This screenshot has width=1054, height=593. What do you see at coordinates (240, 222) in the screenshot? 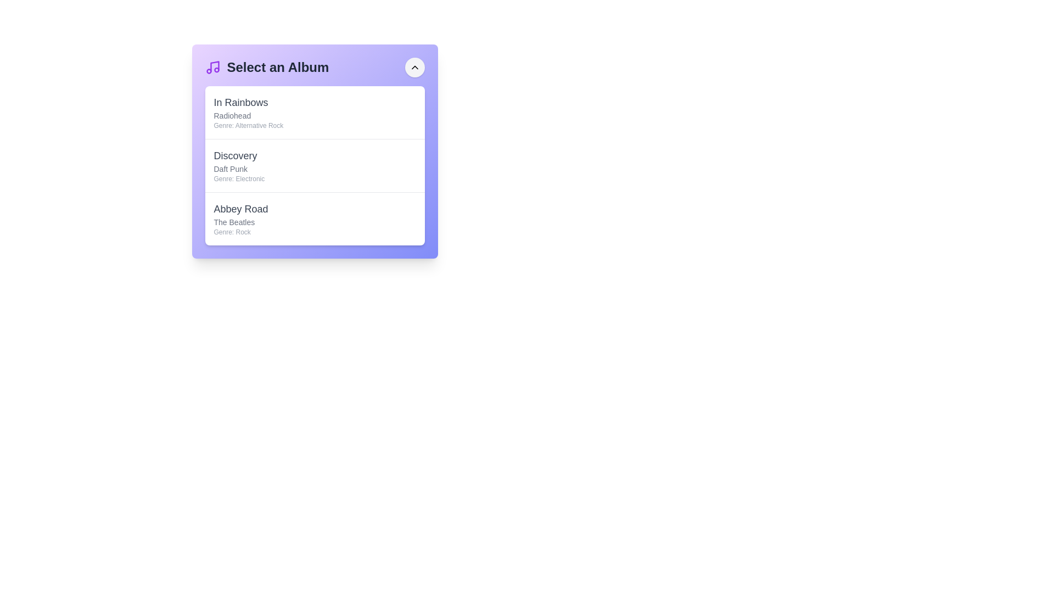
I see `the text label displaying 'The Beatles', which is located in the vertical list under the album title 'Abbey Road' and above the genre description 'Rock'` at bounding box center [240, 222].